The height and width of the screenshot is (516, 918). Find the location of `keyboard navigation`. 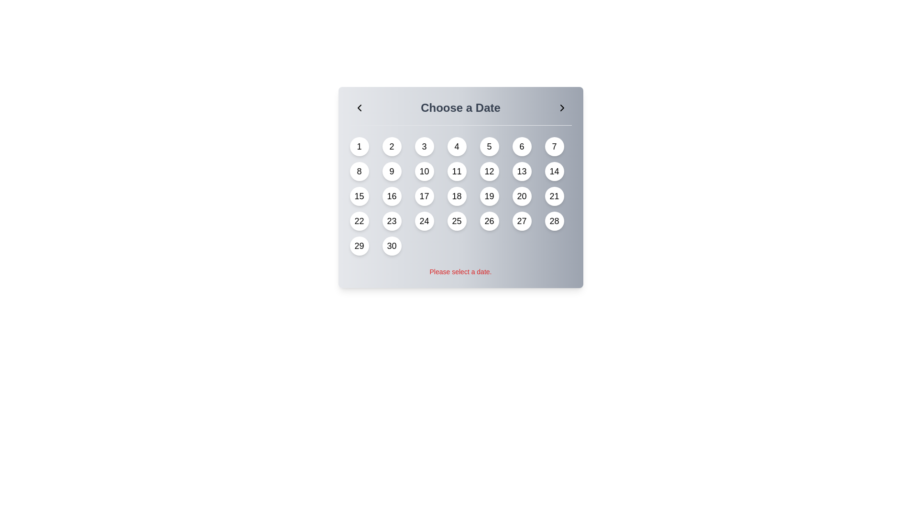

keyboard navigation is located at coordinates (456, 221).